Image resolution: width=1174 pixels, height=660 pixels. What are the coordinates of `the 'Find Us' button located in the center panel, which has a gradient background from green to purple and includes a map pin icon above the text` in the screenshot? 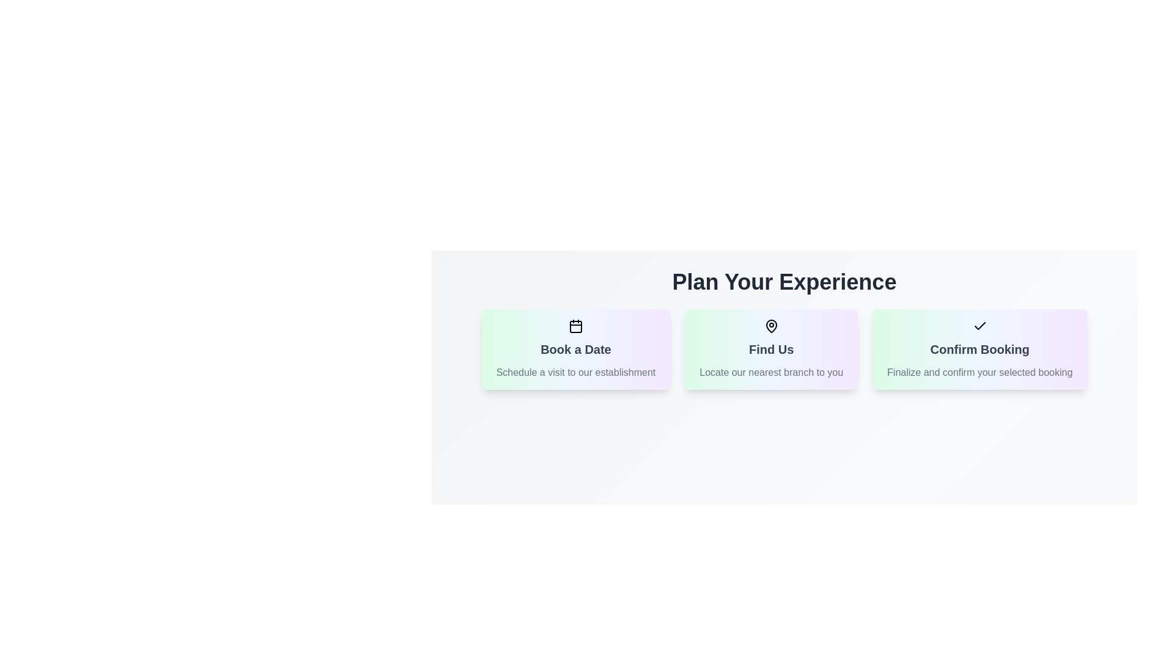 It's located at (770, 349).